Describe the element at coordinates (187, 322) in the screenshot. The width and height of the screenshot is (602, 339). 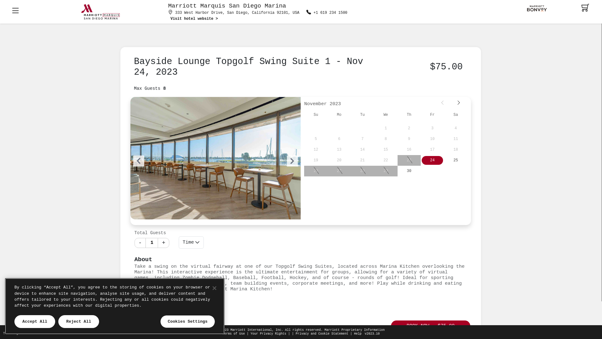
I see `'Cookies Settings'` at that location.